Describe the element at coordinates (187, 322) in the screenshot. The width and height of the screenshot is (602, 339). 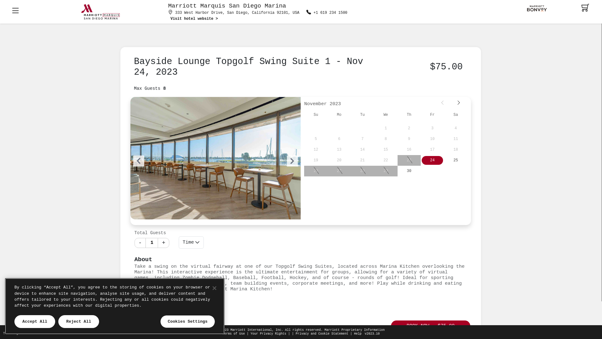
I see `'Cookies Settings'` at that location.